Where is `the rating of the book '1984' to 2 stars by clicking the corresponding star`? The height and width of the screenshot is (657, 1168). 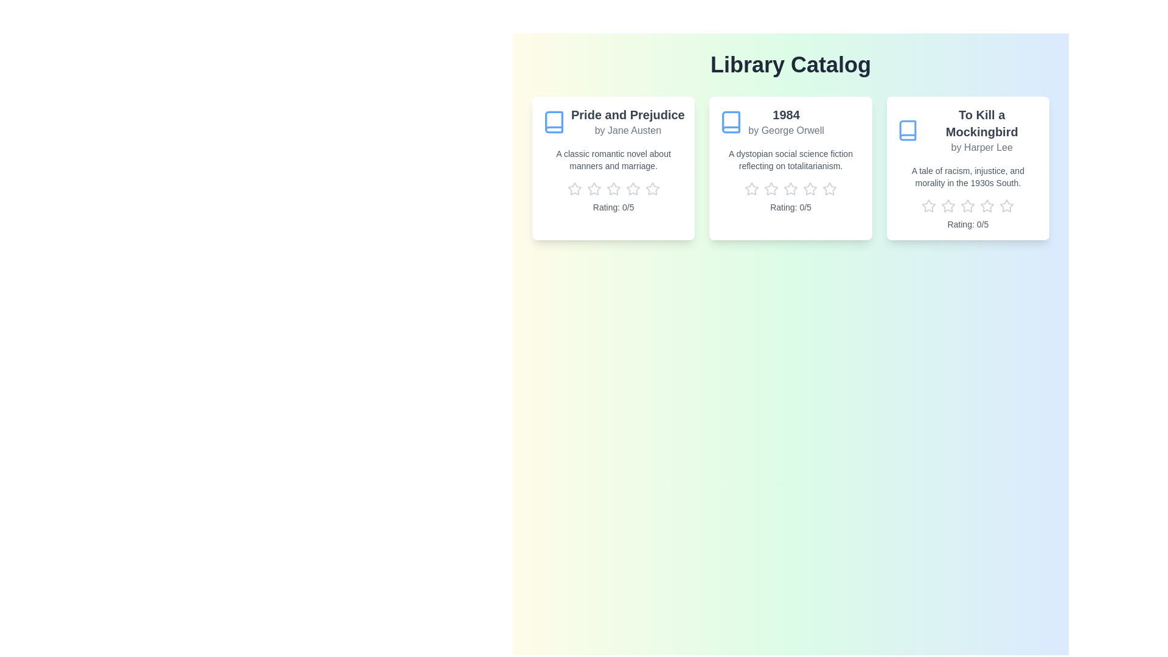 the rating of the book '1984' to 2 stars by clicking the corresponding star is located at coordinates (770, 189).